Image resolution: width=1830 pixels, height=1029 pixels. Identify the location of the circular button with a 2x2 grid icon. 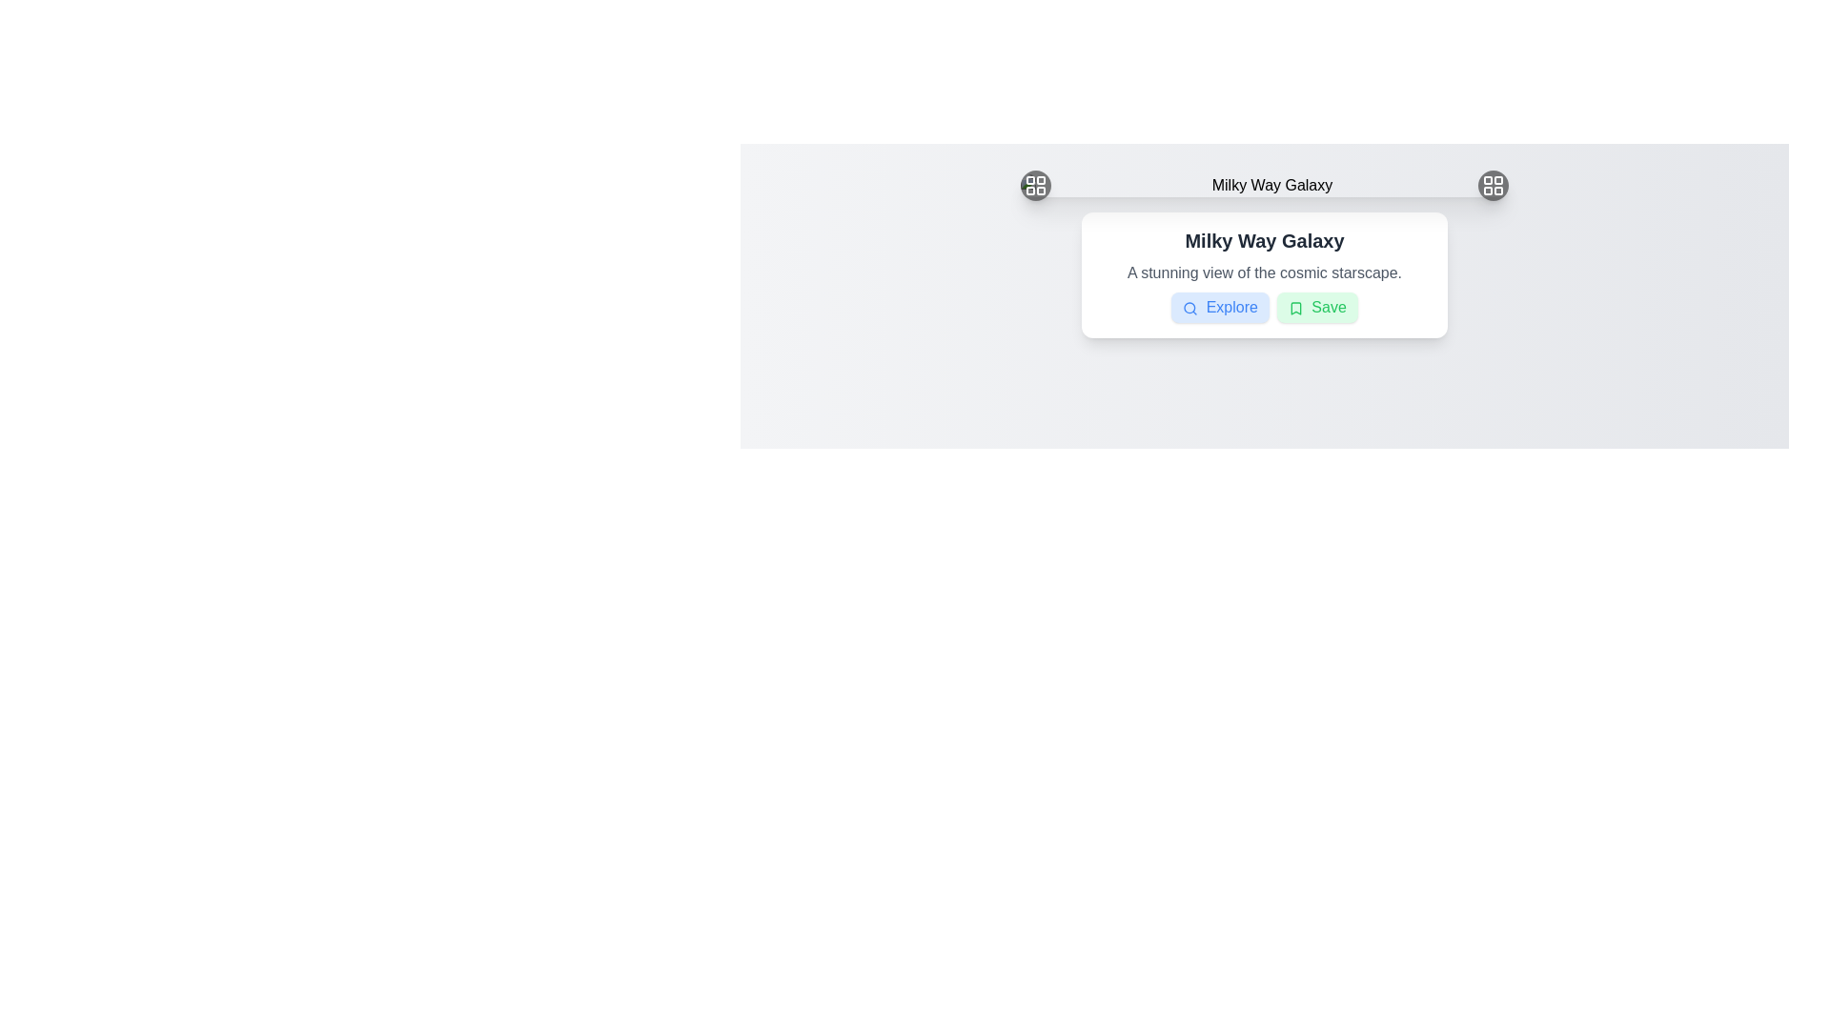
(1492, 186).